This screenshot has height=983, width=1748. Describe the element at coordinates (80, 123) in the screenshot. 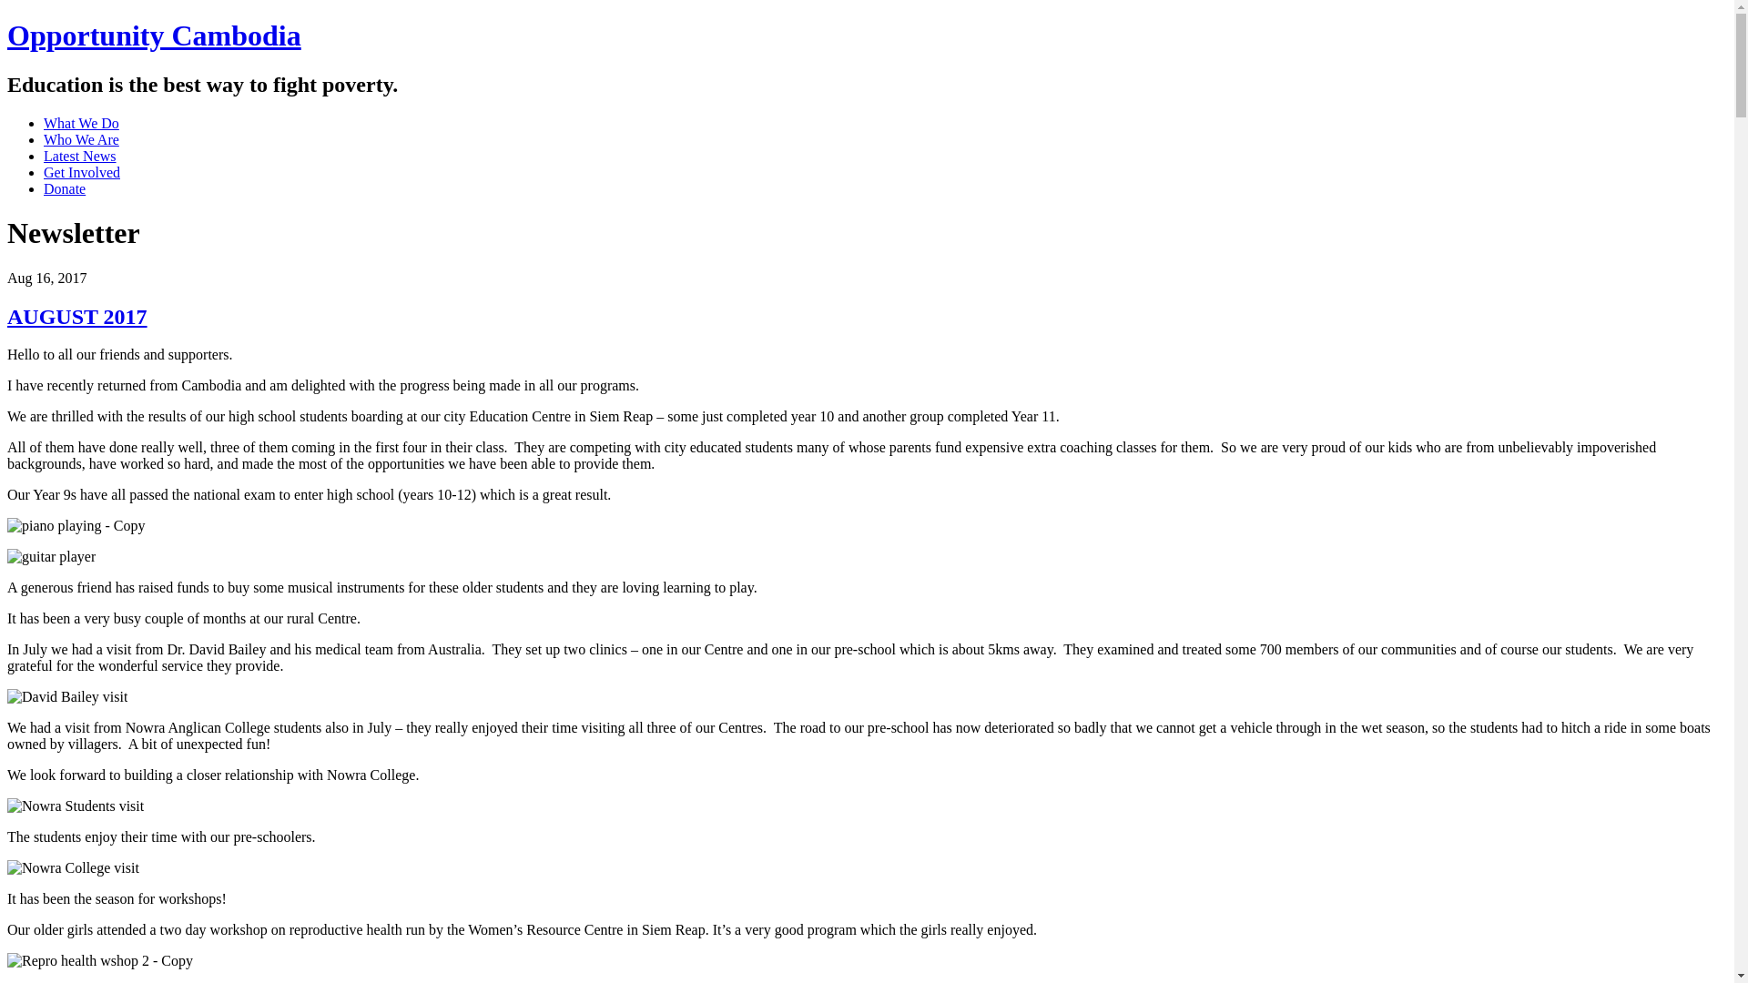

I see `'What We Do'` at that location.